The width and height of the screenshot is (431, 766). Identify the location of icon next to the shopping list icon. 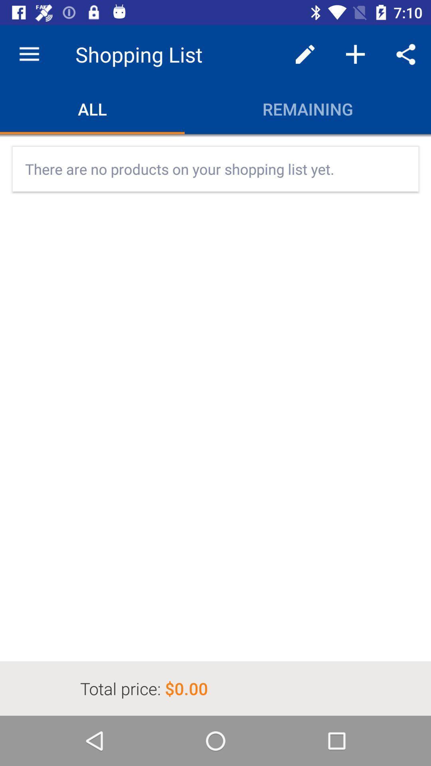
(305, 54).